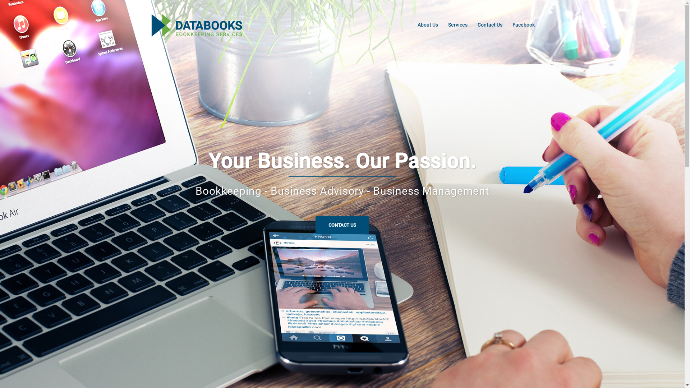  Describe the element at coordinates (428, 24) in the screenshot. I see `'About Us'` at that location.